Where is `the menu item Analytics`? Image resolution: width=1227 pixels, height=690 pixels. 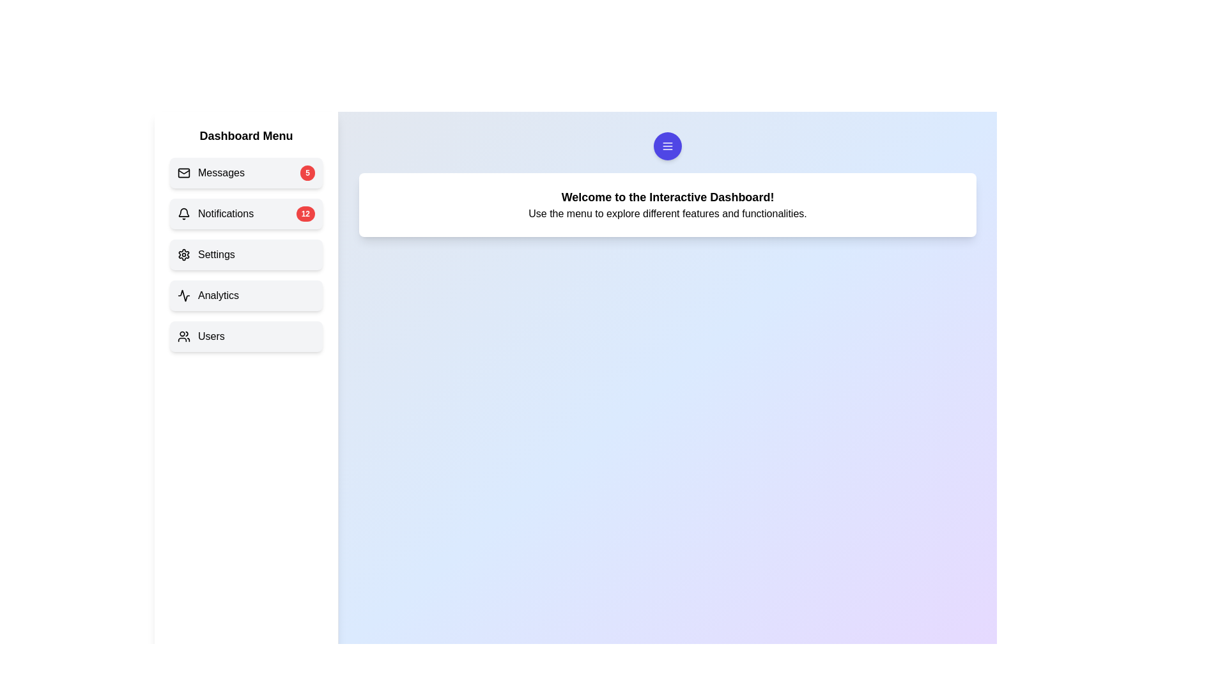
the menu item Analytics is located at coordinates (246, 295).